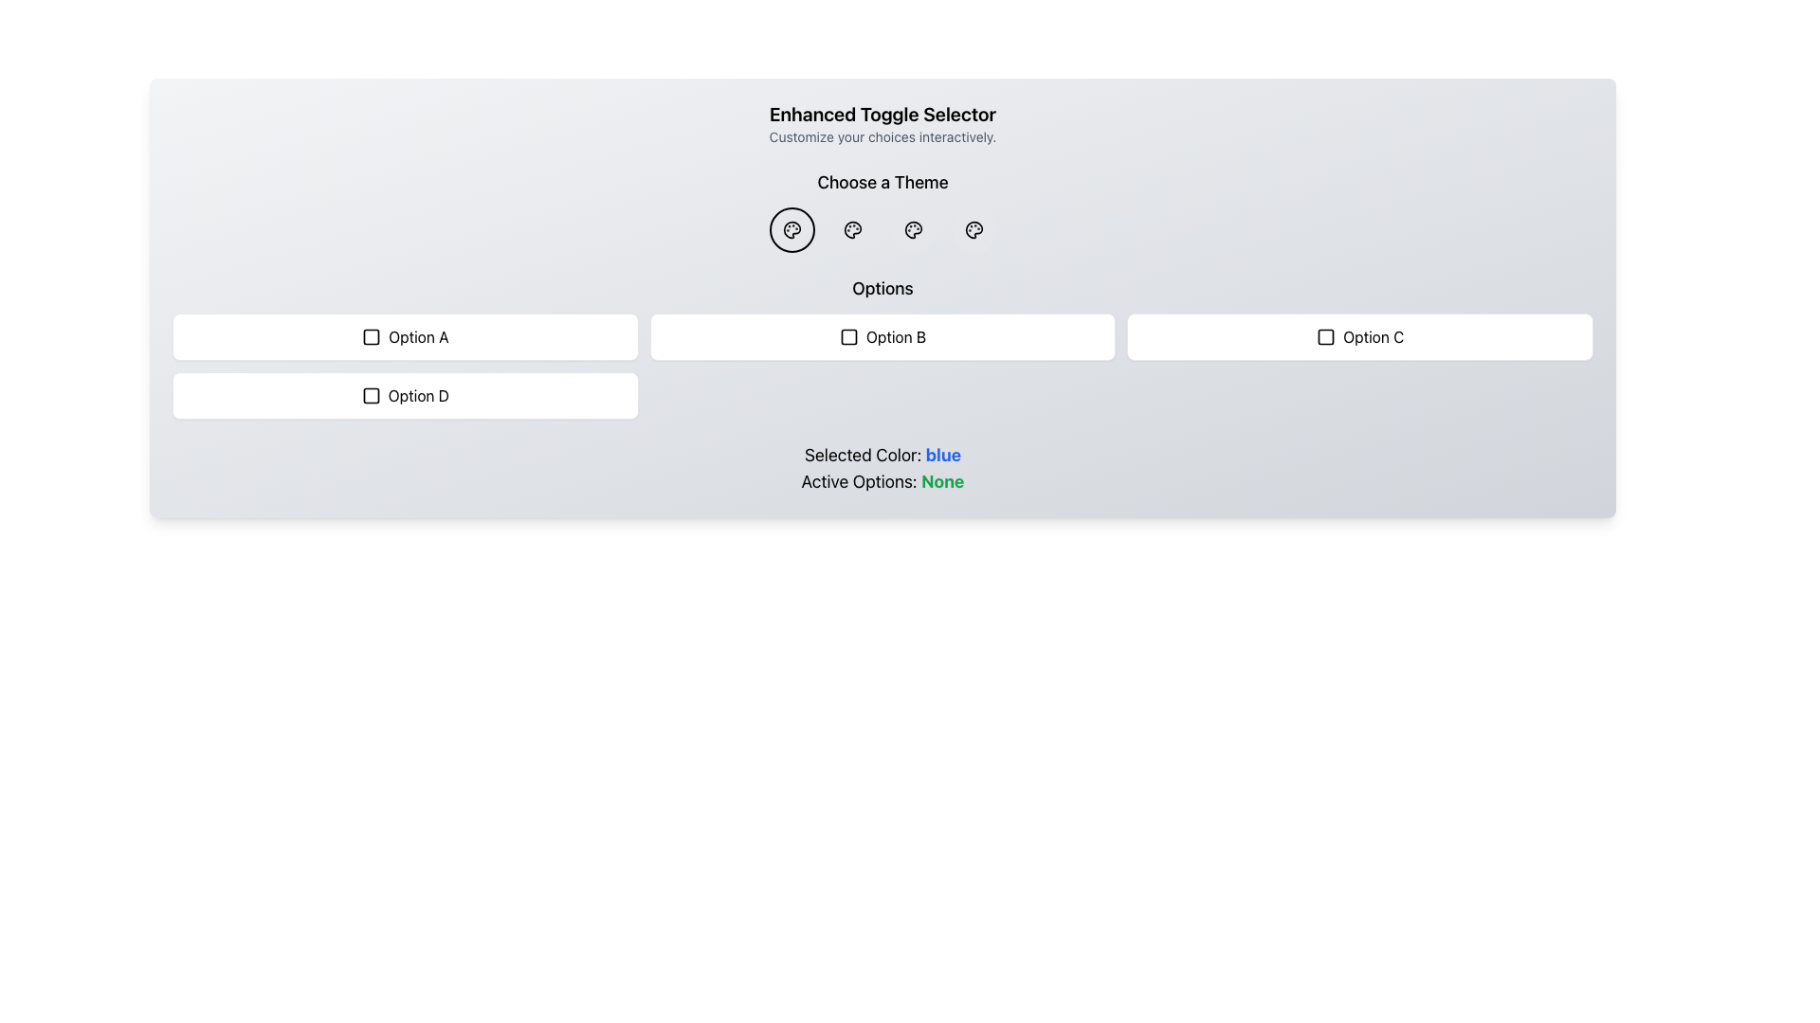 Image resolution: width=1820 pixels, height=1023 pixels. What do you see at coordinates (913, 229) in the screenshot?
I see `the second icon in the 'Choose a Theme' selection group` at bounding box center [913, 229].